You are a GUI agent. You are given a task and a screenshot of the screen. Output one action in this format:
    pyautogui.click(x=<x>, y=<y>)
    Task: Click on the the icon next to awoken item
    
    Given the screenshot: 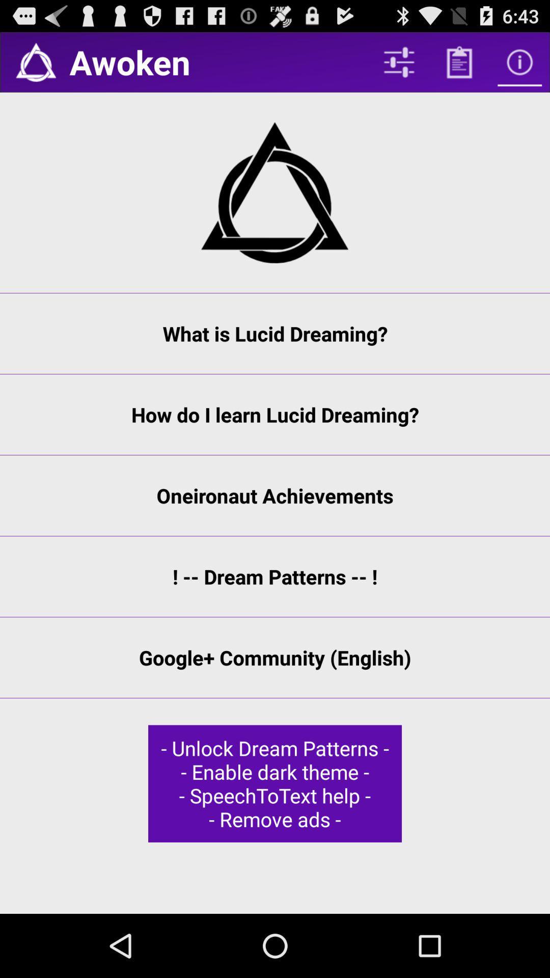 What is the action you would take?
    pyautogui.click(x=398, y=62)
    